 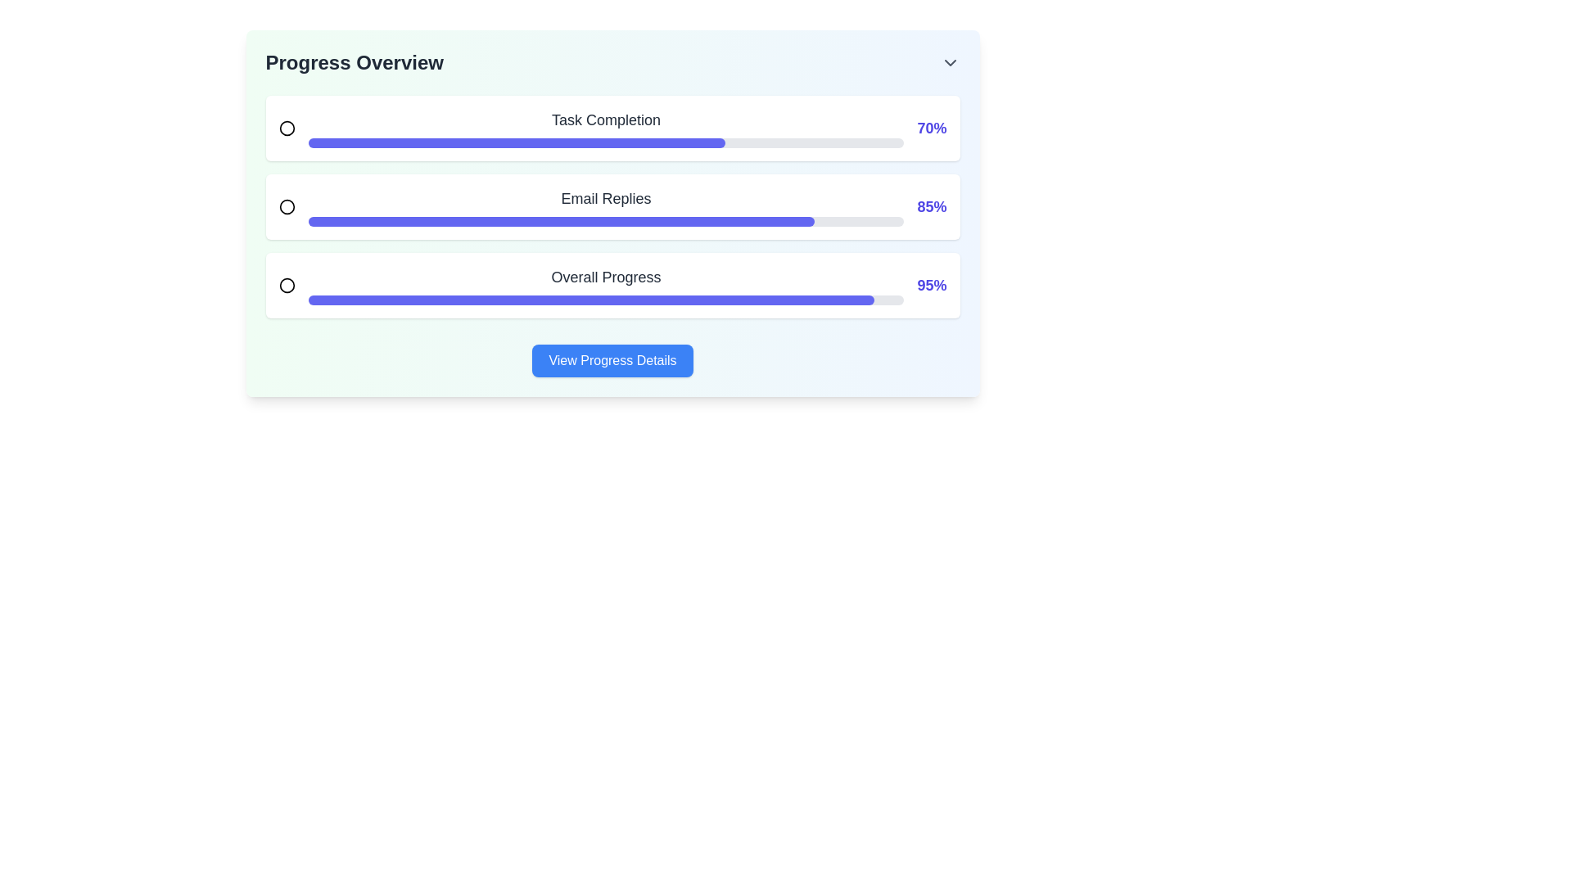 What do you see at coordinates (932, 206) in the screenshot?
I see `the numerical text display showing '85%' in indigo color, located at the right-hand side of the progress bar in the 'Email Replies' section` at bounding box center [932, 206].